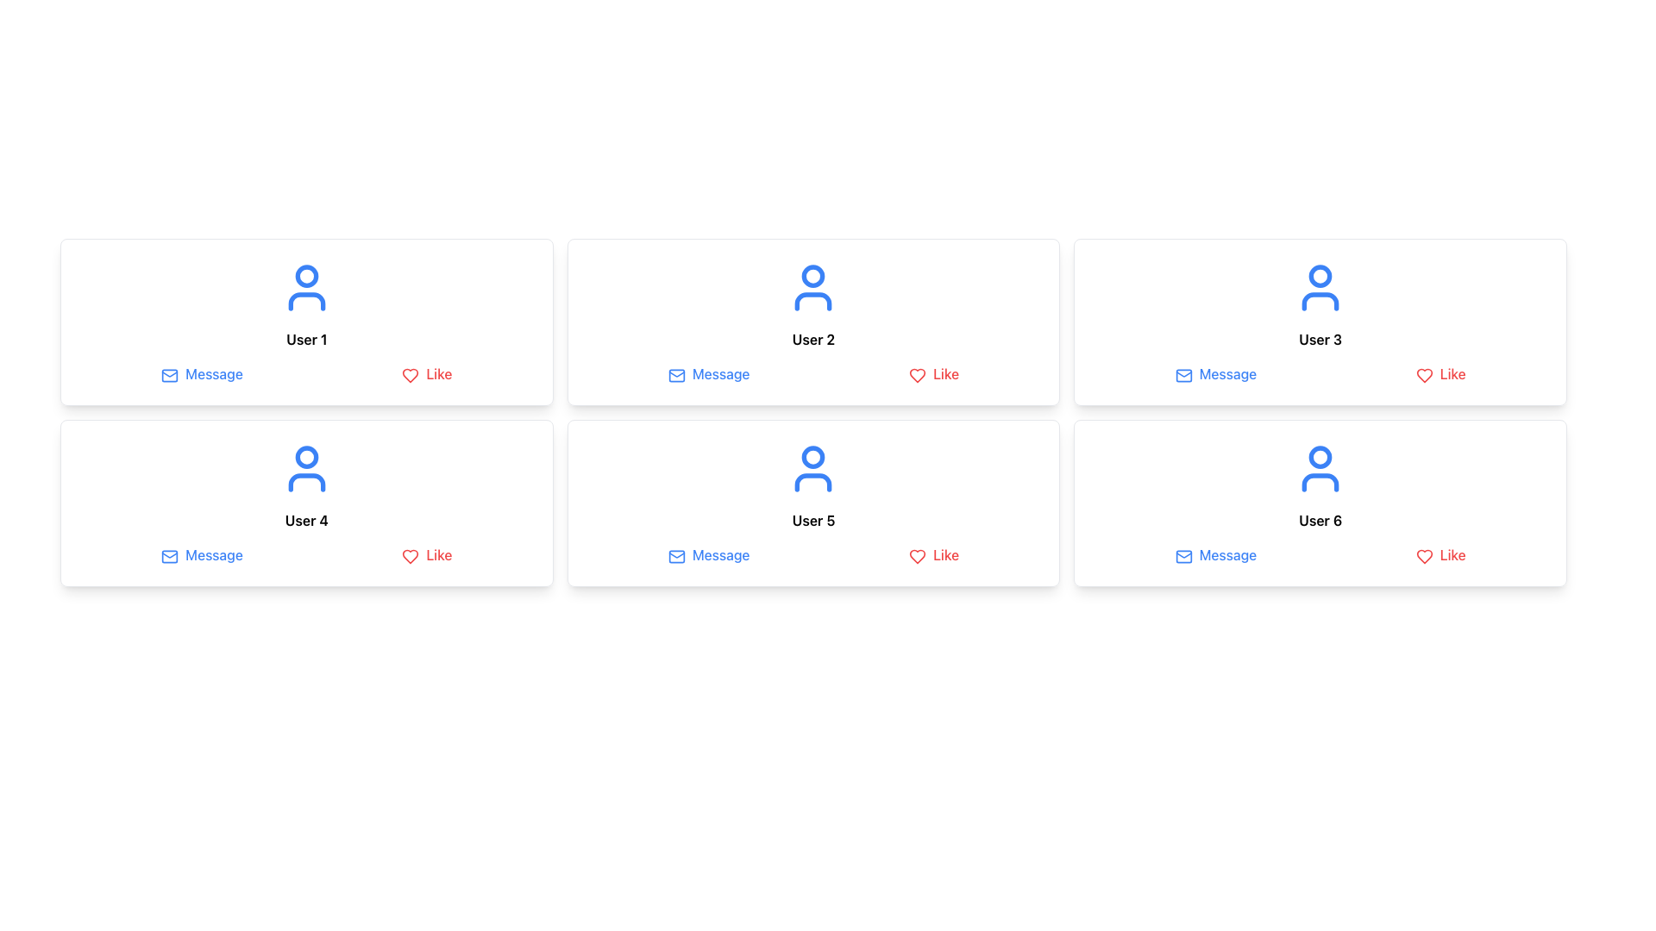 This screenshot has width=1656, height=931. I want to click on the 'Like' button, which is a red text saying 'Like' beside a red outlined heart icon, located, so click(933, 555).